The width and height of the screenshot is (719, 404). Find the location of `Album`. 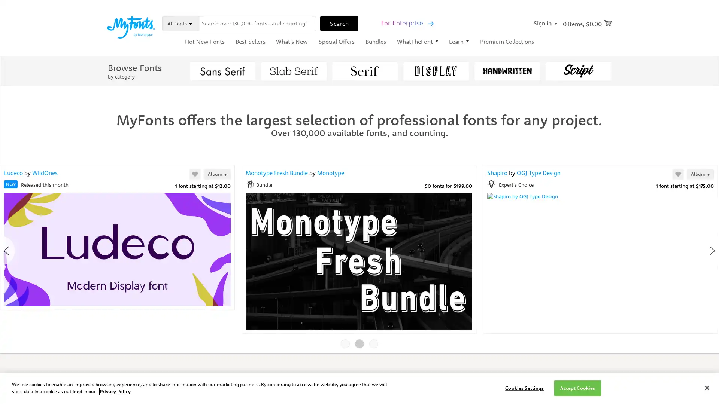

Album is located at coordinates (234, 174).